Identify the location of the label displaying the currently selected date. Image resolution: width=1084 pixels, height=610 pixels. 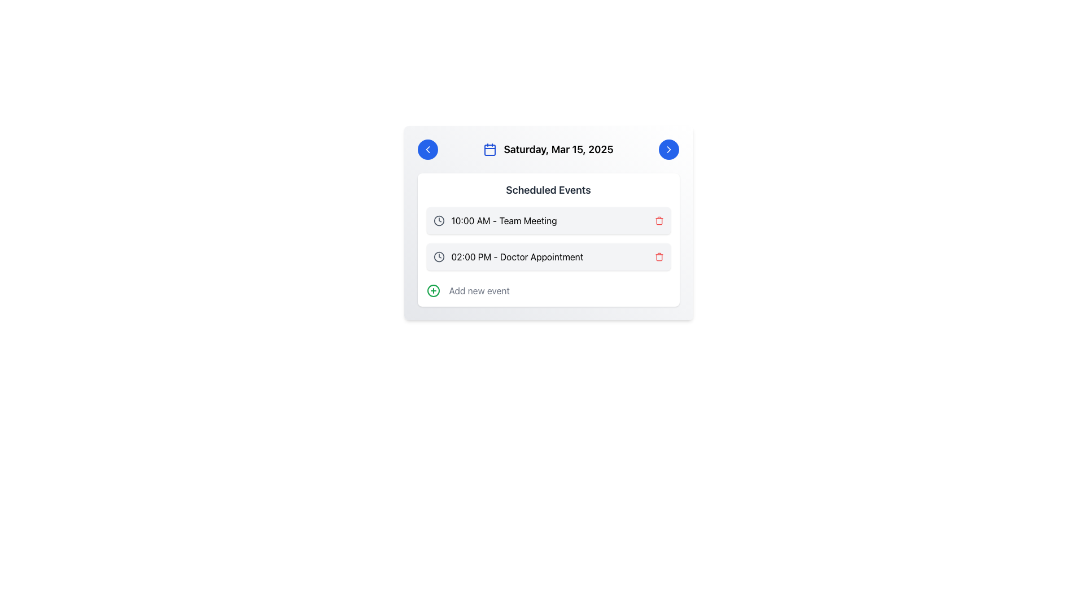
(548, 149).